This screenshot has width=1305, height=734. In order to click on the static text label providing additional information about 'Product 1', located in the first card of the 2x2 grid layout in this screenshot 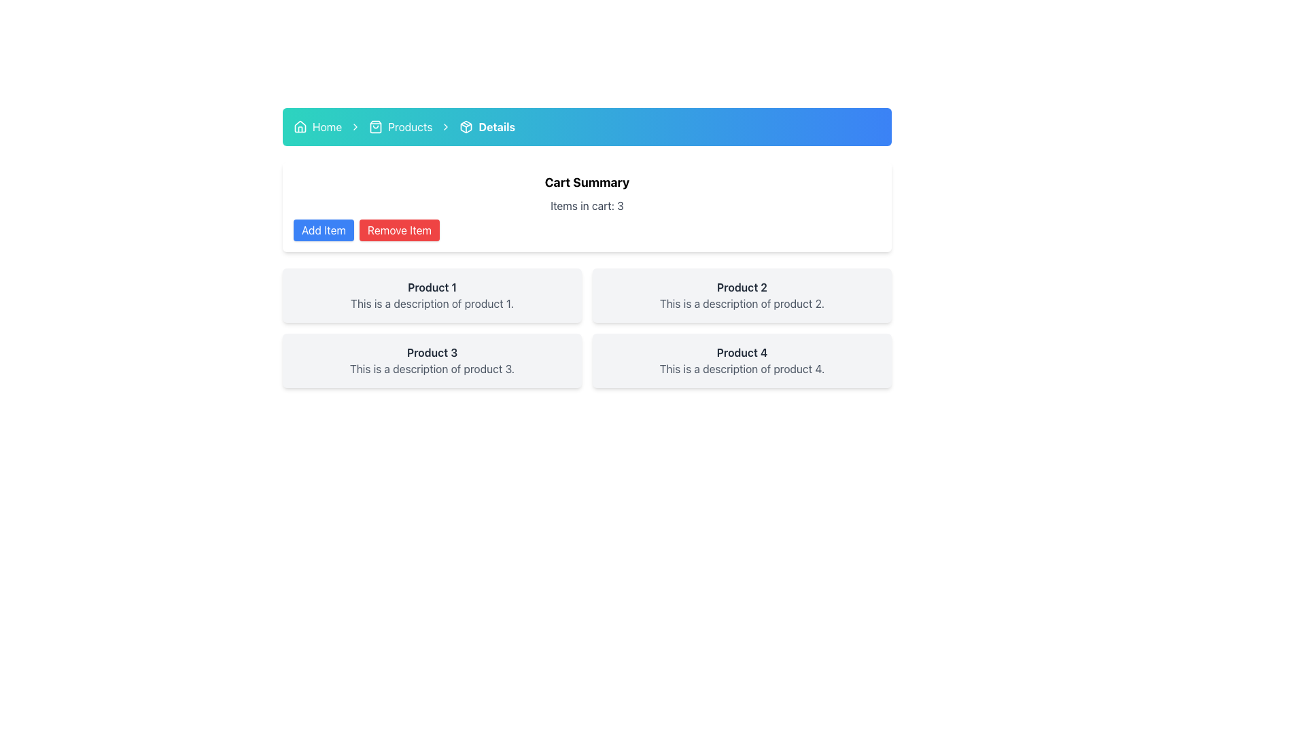, I will do `click(431, 303)`.